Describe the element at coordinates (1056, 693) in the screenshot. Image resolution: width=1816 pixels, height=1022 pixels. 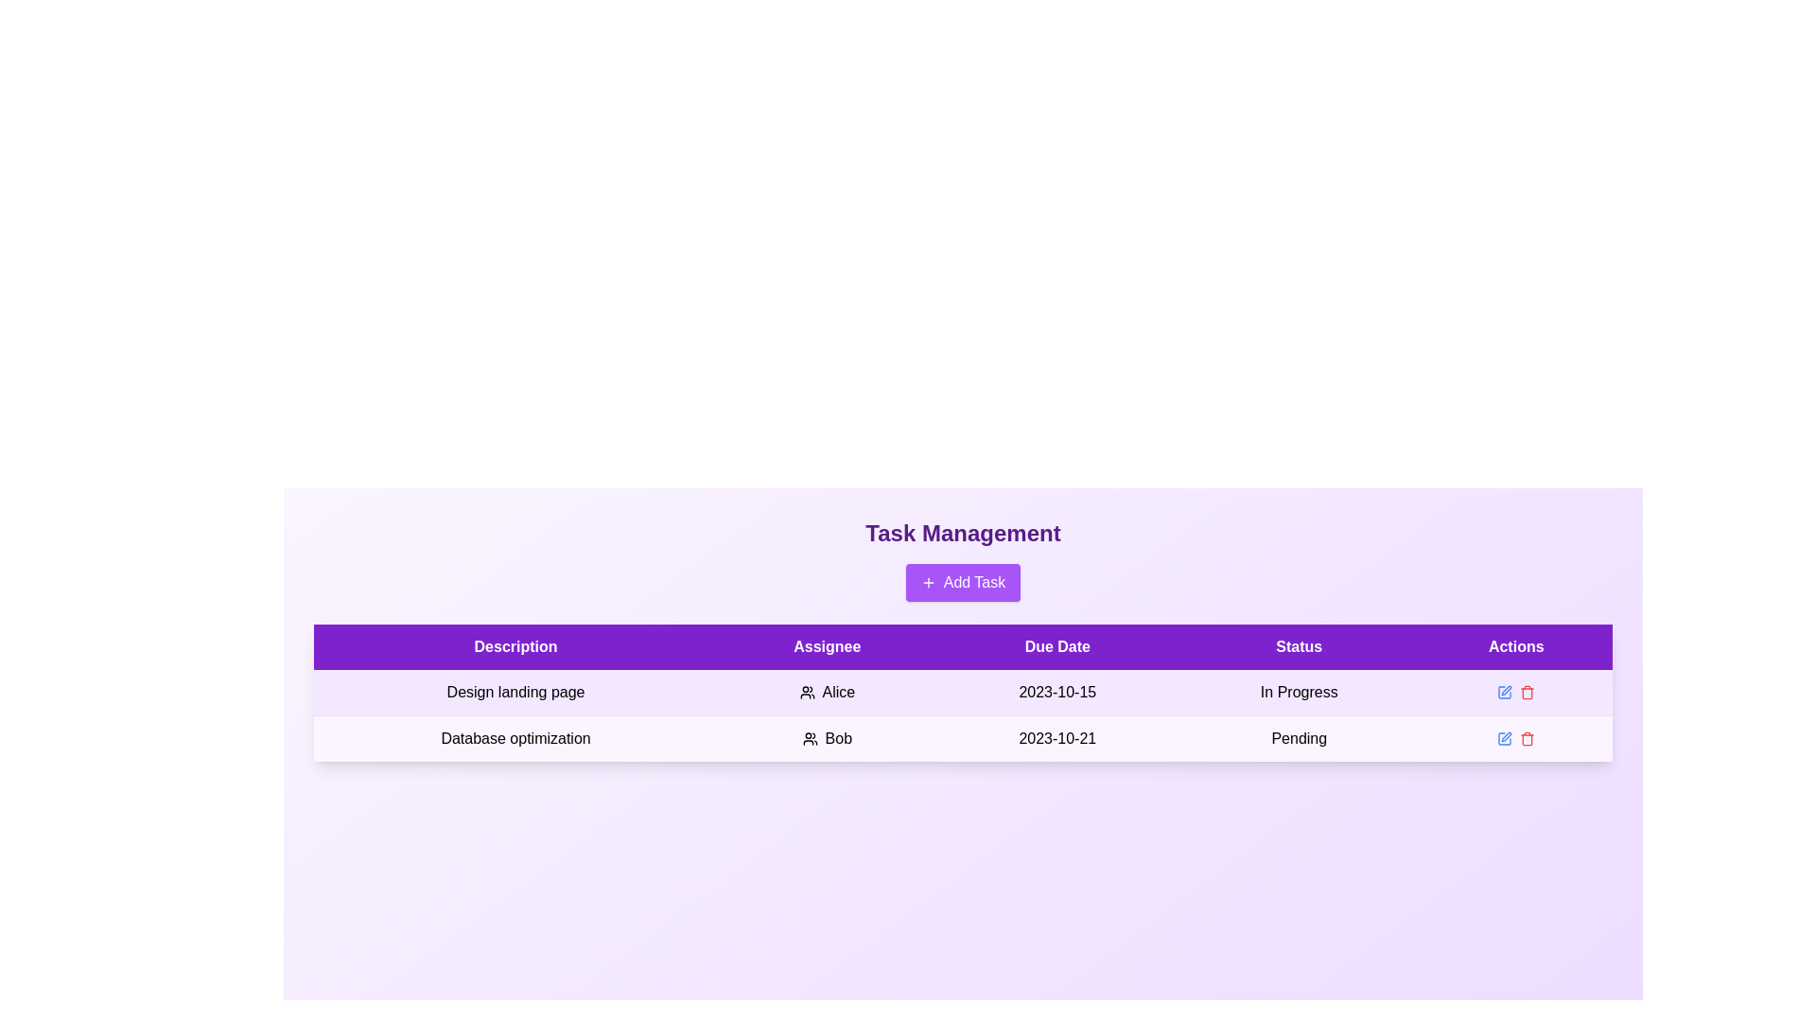
I see `the text displaying the due date '2023-10-15' in the 'Due Date' column of the task management table` at that location.